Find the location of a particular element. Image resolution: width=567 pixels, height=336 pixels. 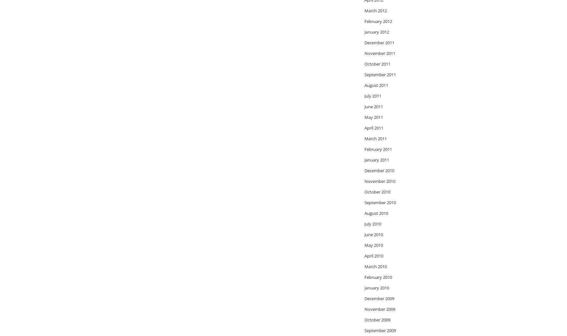

'September 2009' is located at coordinates (380, 330).